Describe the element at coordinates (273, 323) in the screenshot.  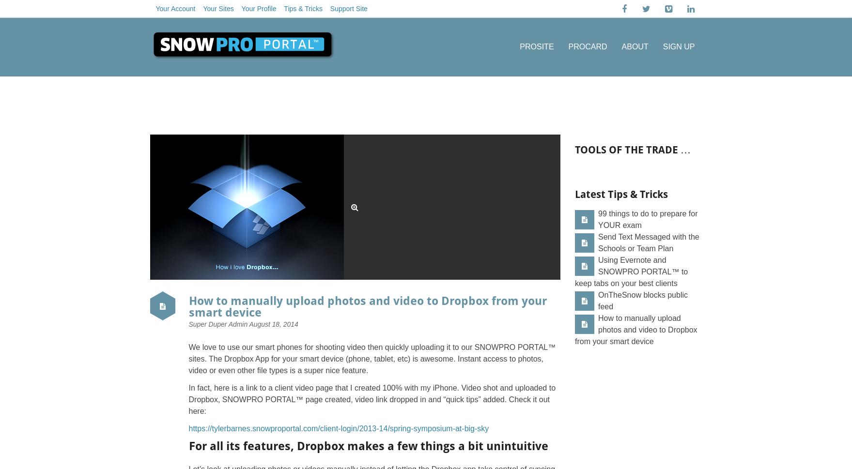
I see `'August 18, 2014'` at that location.